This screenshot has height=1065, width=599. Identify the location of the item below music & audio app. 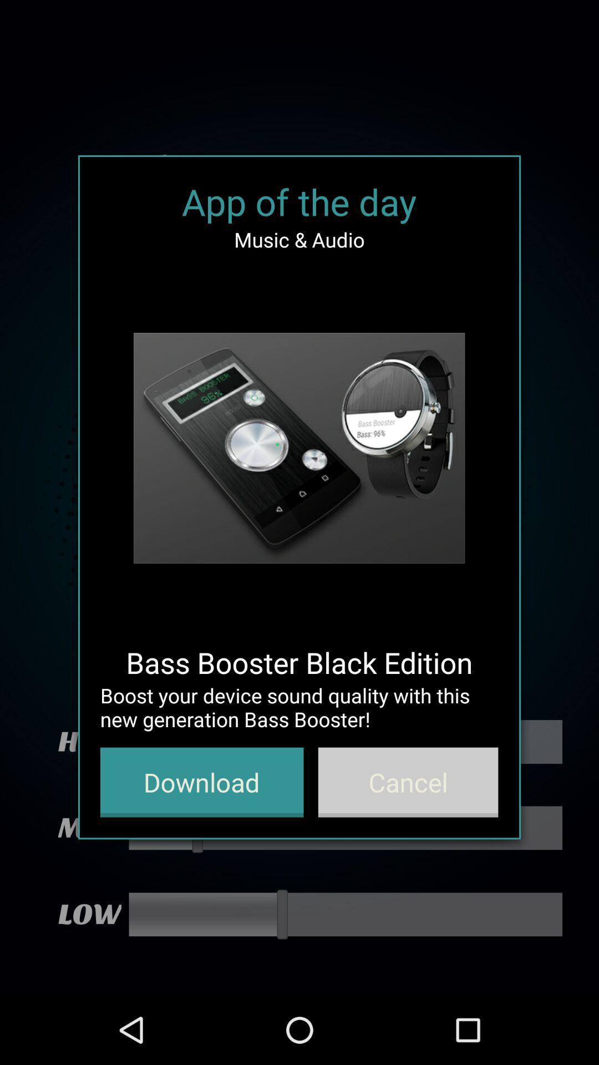
(298, 448).